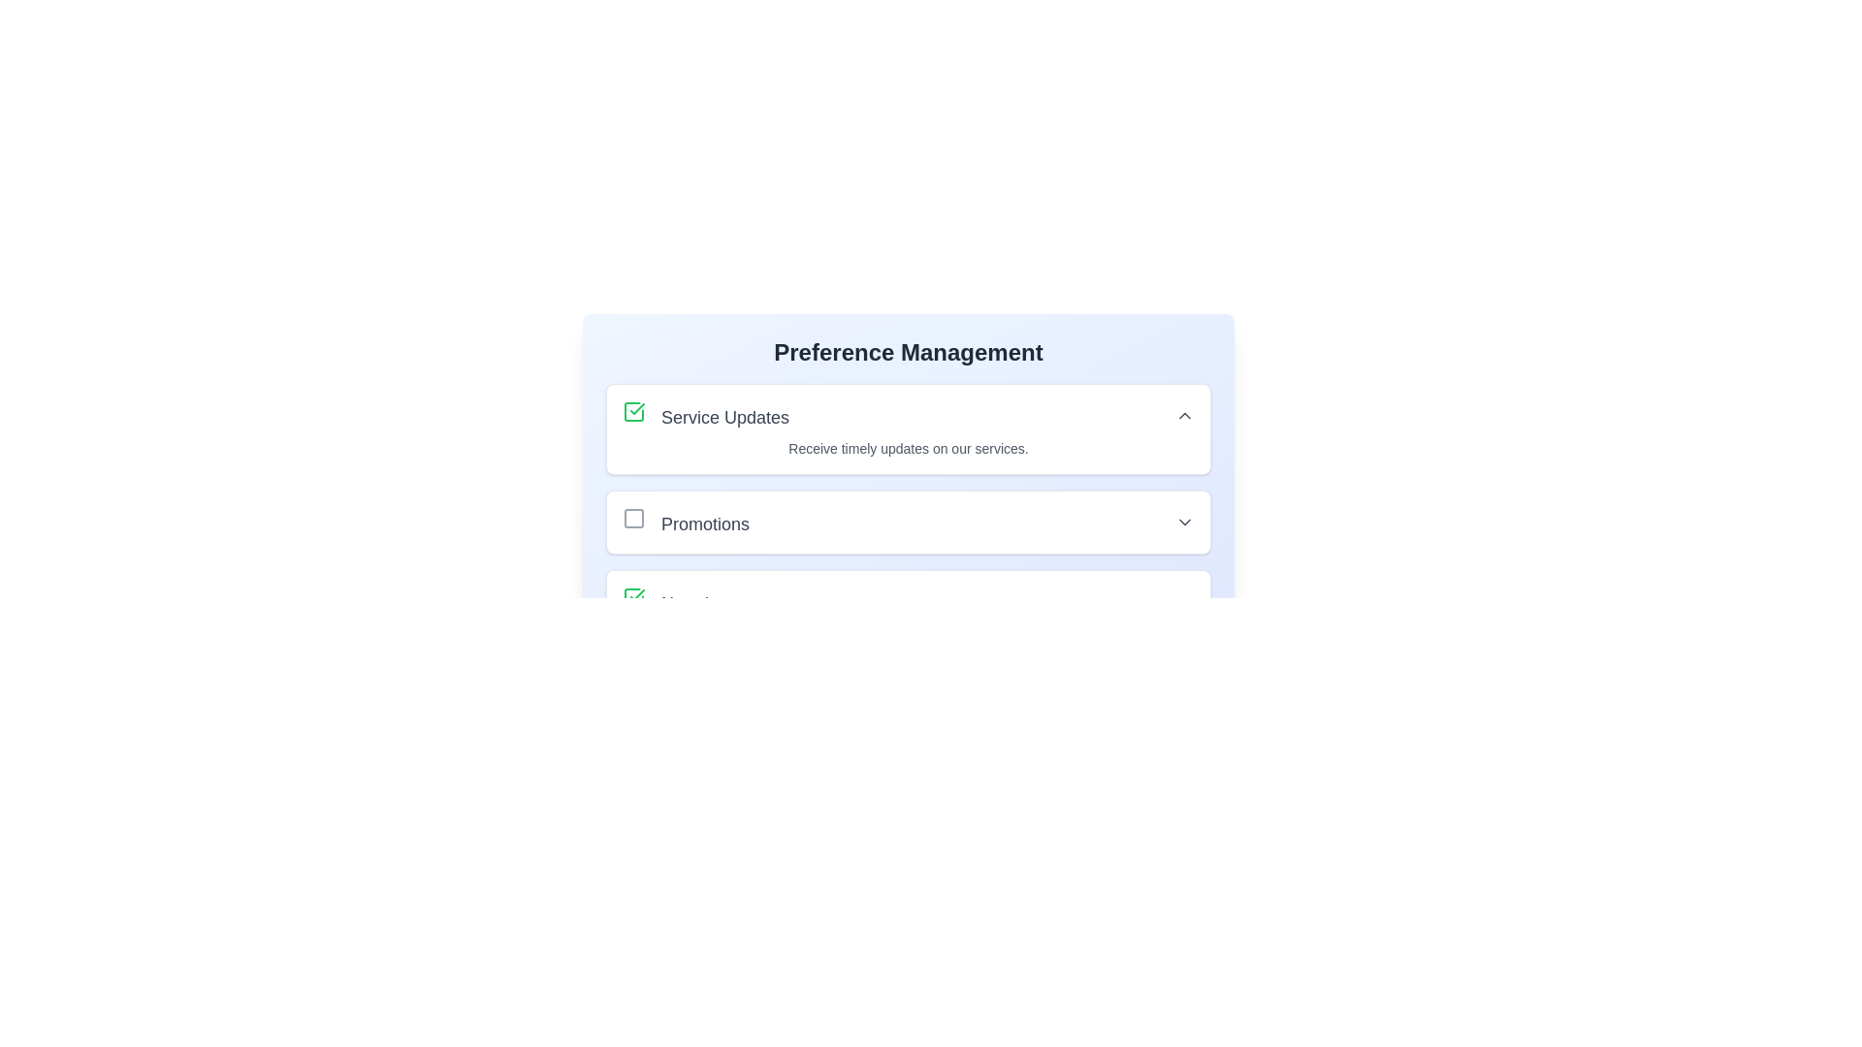 This screenshot has width=1862, height=1047. What do you see at coordinates (637, 407) in the screenshot?
I see `the checkmark symbol icon within the SVG for the 'Service Updates' item in the list` at bounding box center [637, 407].